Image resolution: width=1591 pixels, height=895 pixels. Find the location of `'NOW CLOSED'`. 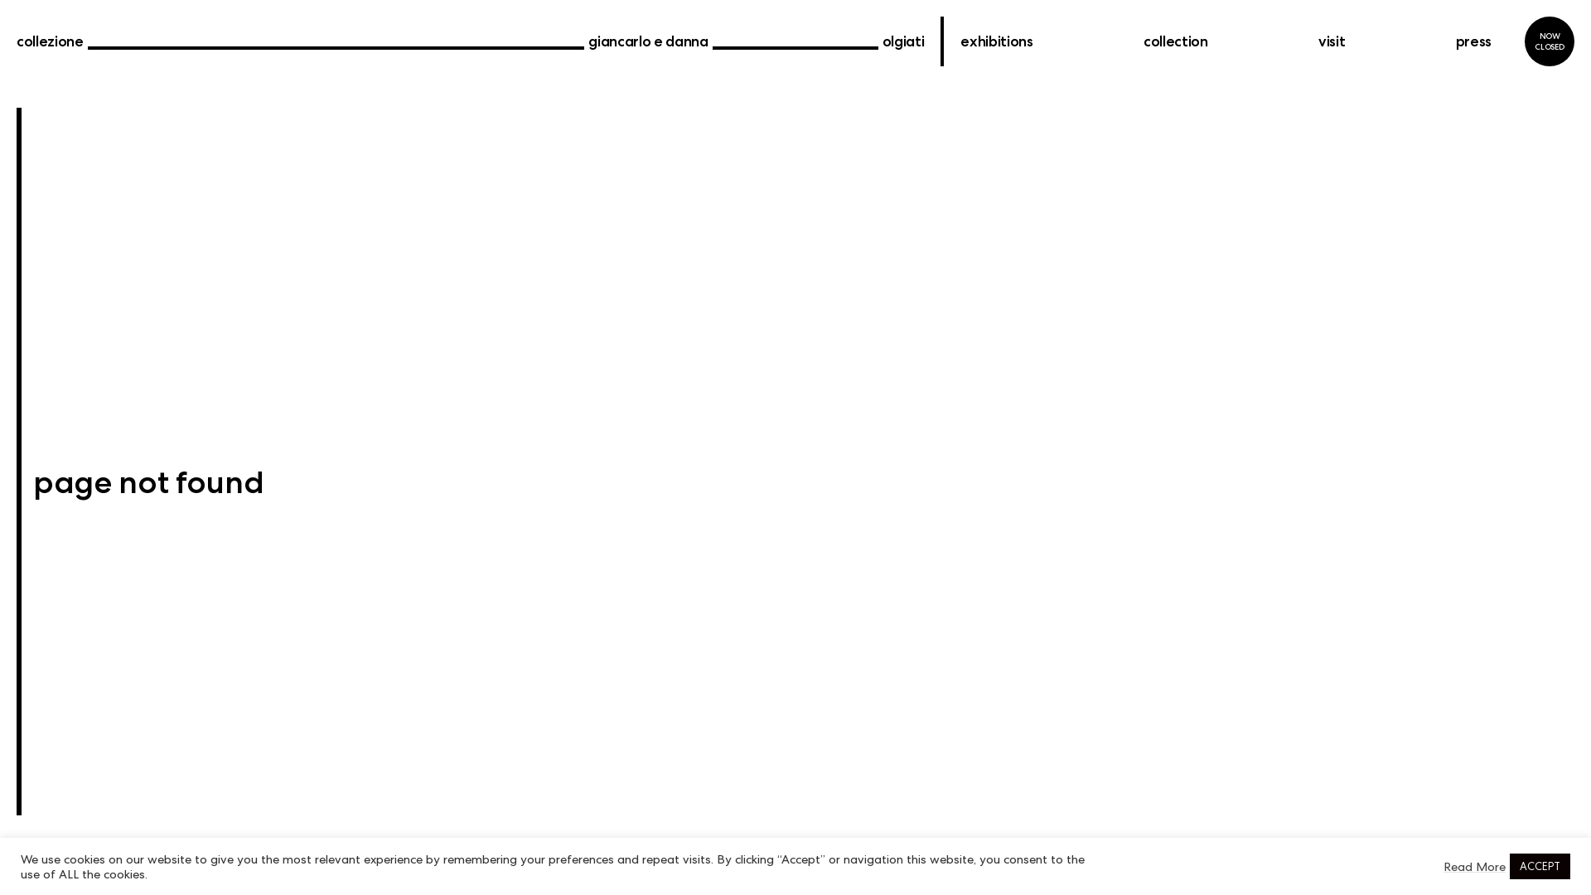

'NOW CLOSED' is located at coordinates (1524, 41).